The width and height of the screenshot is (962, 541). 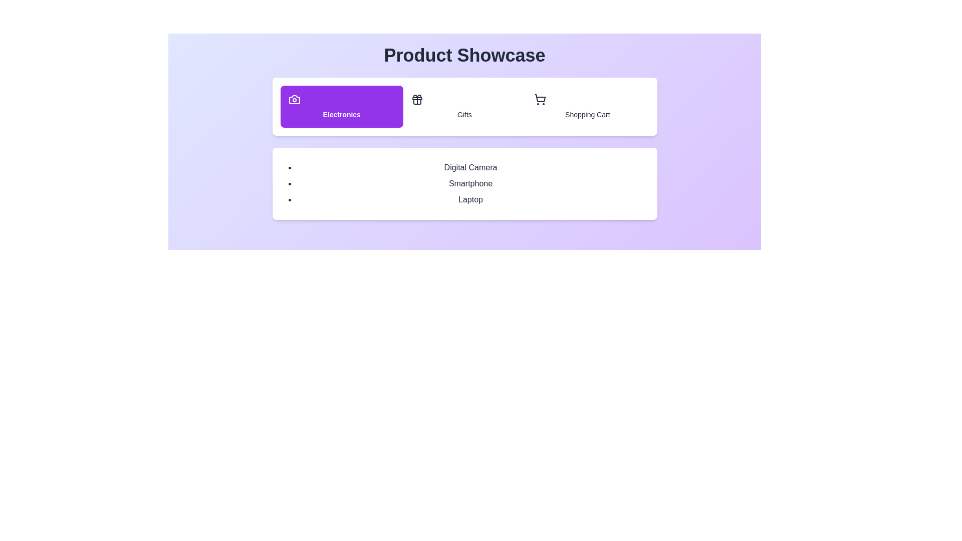 I want to click on the gift icon located under the 'Gifts' label in the navigation menu, which has a minimalist black design resembling a wrapped present, so click(x=417, y=100).